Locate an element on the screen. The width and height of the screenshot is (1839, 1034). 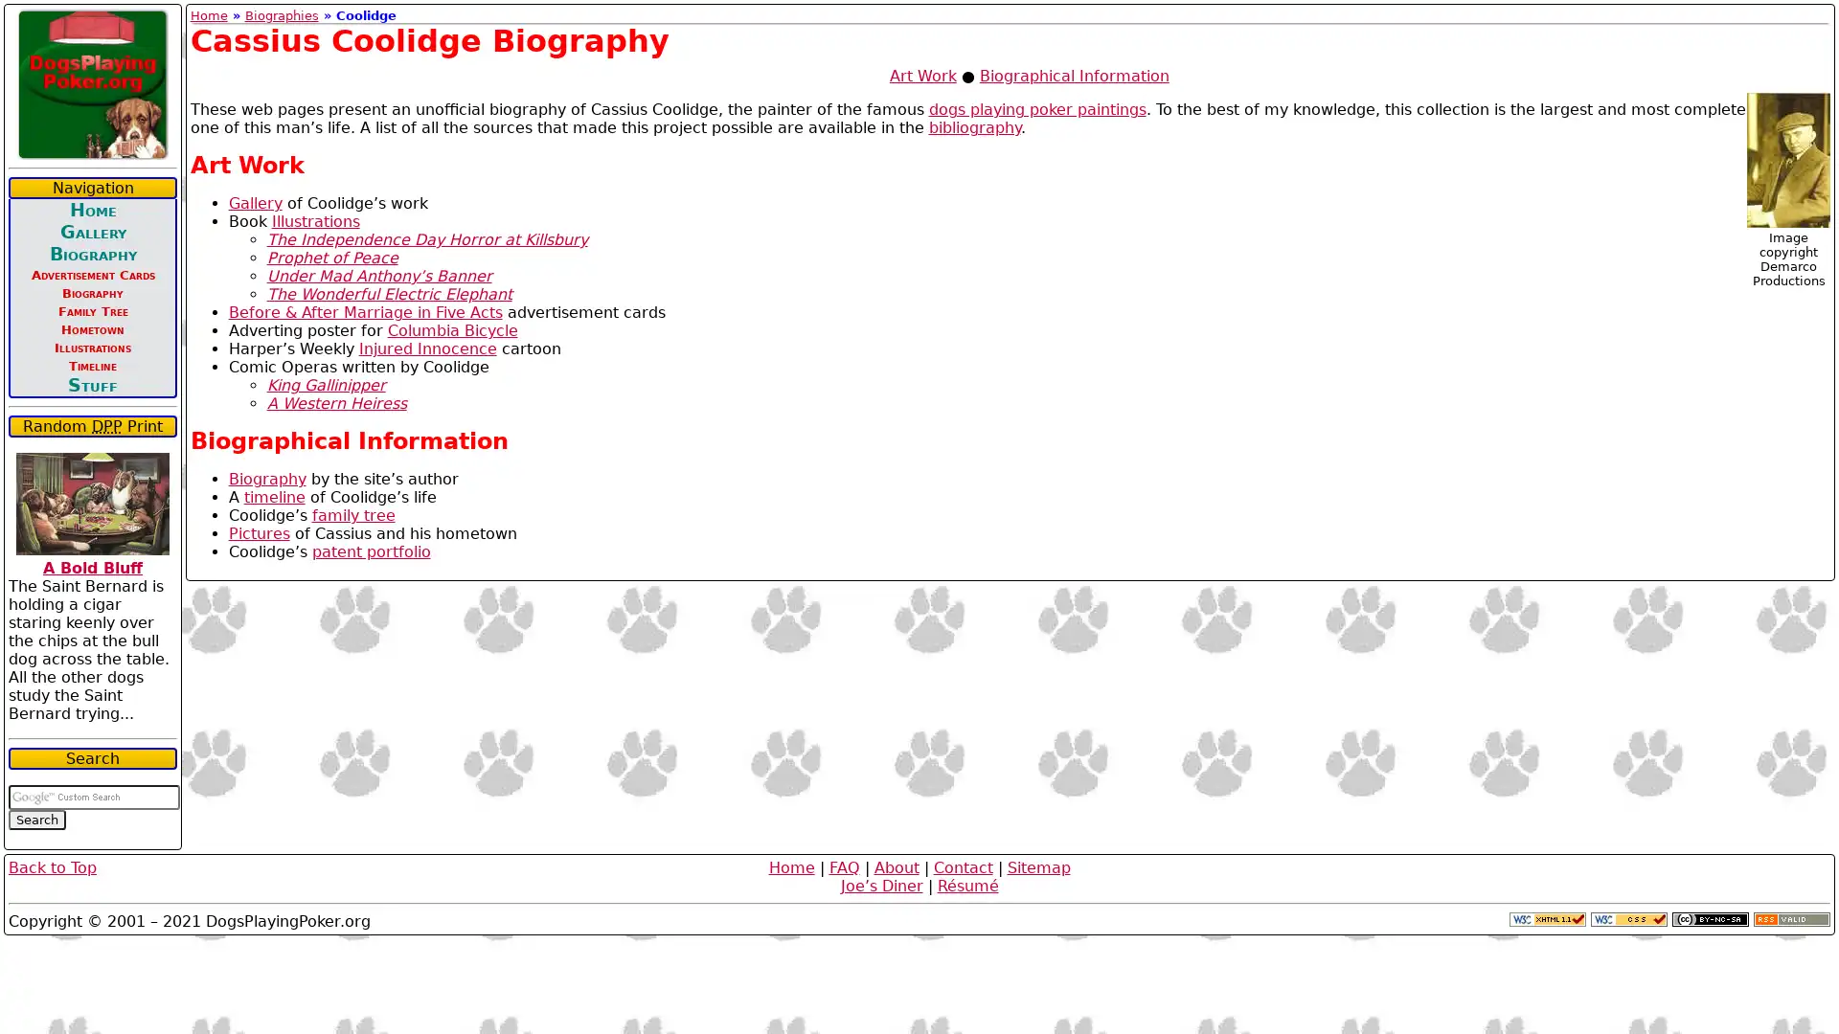
Search is located at coordinates (36, 819).